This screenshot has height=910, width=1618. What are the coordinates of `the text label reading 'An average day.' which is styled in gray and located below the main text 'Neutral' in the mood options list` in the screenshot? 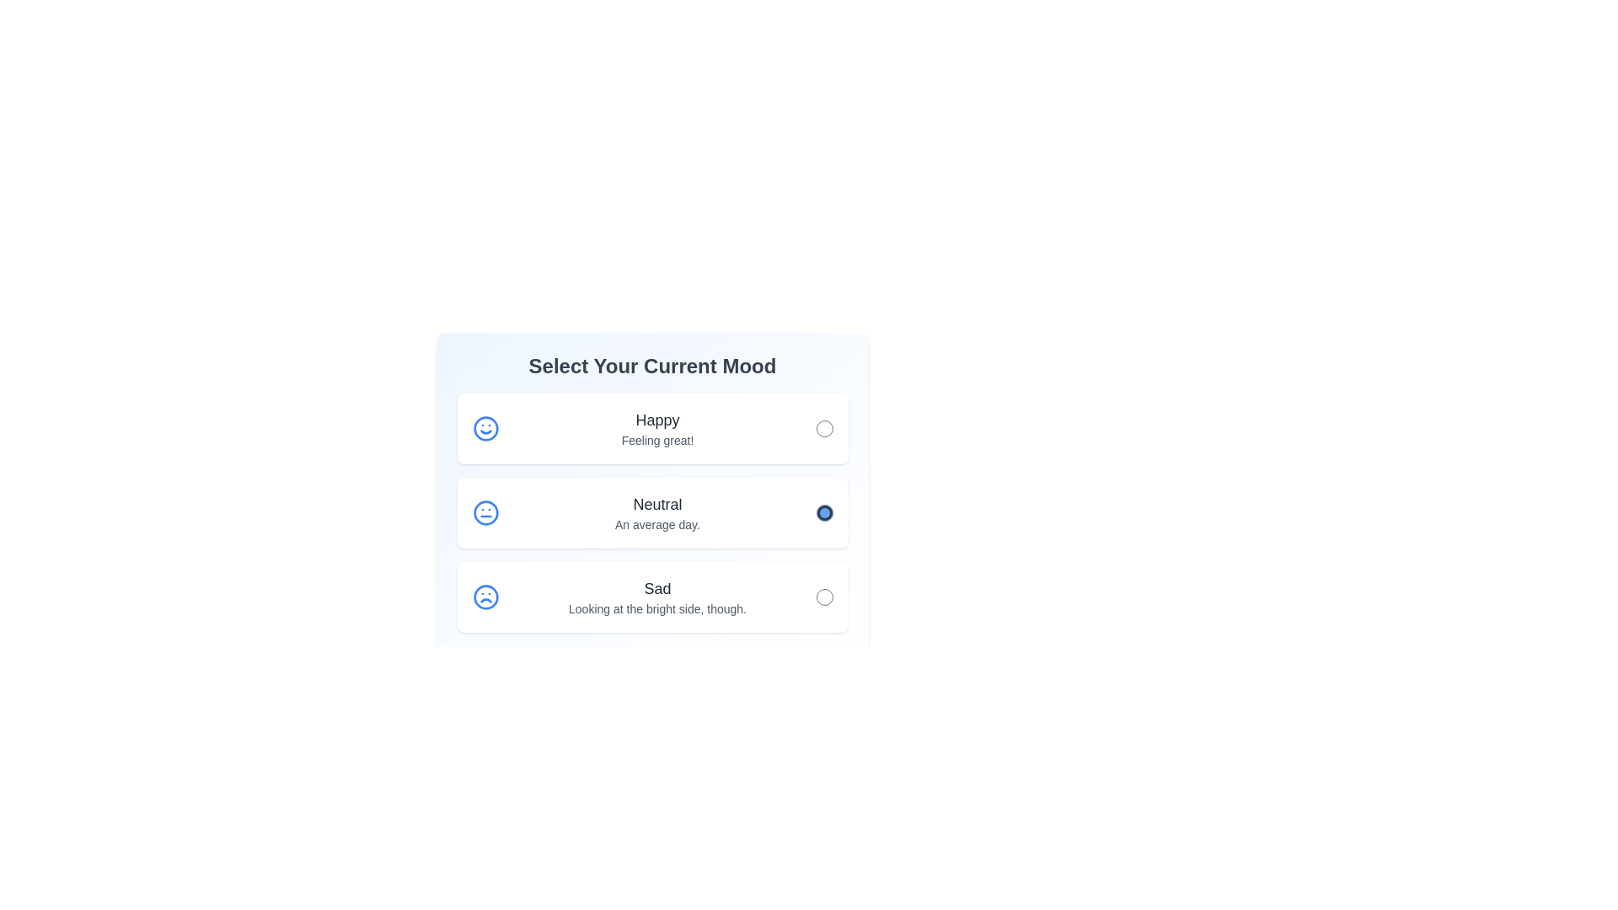 It's located at (656, 524).